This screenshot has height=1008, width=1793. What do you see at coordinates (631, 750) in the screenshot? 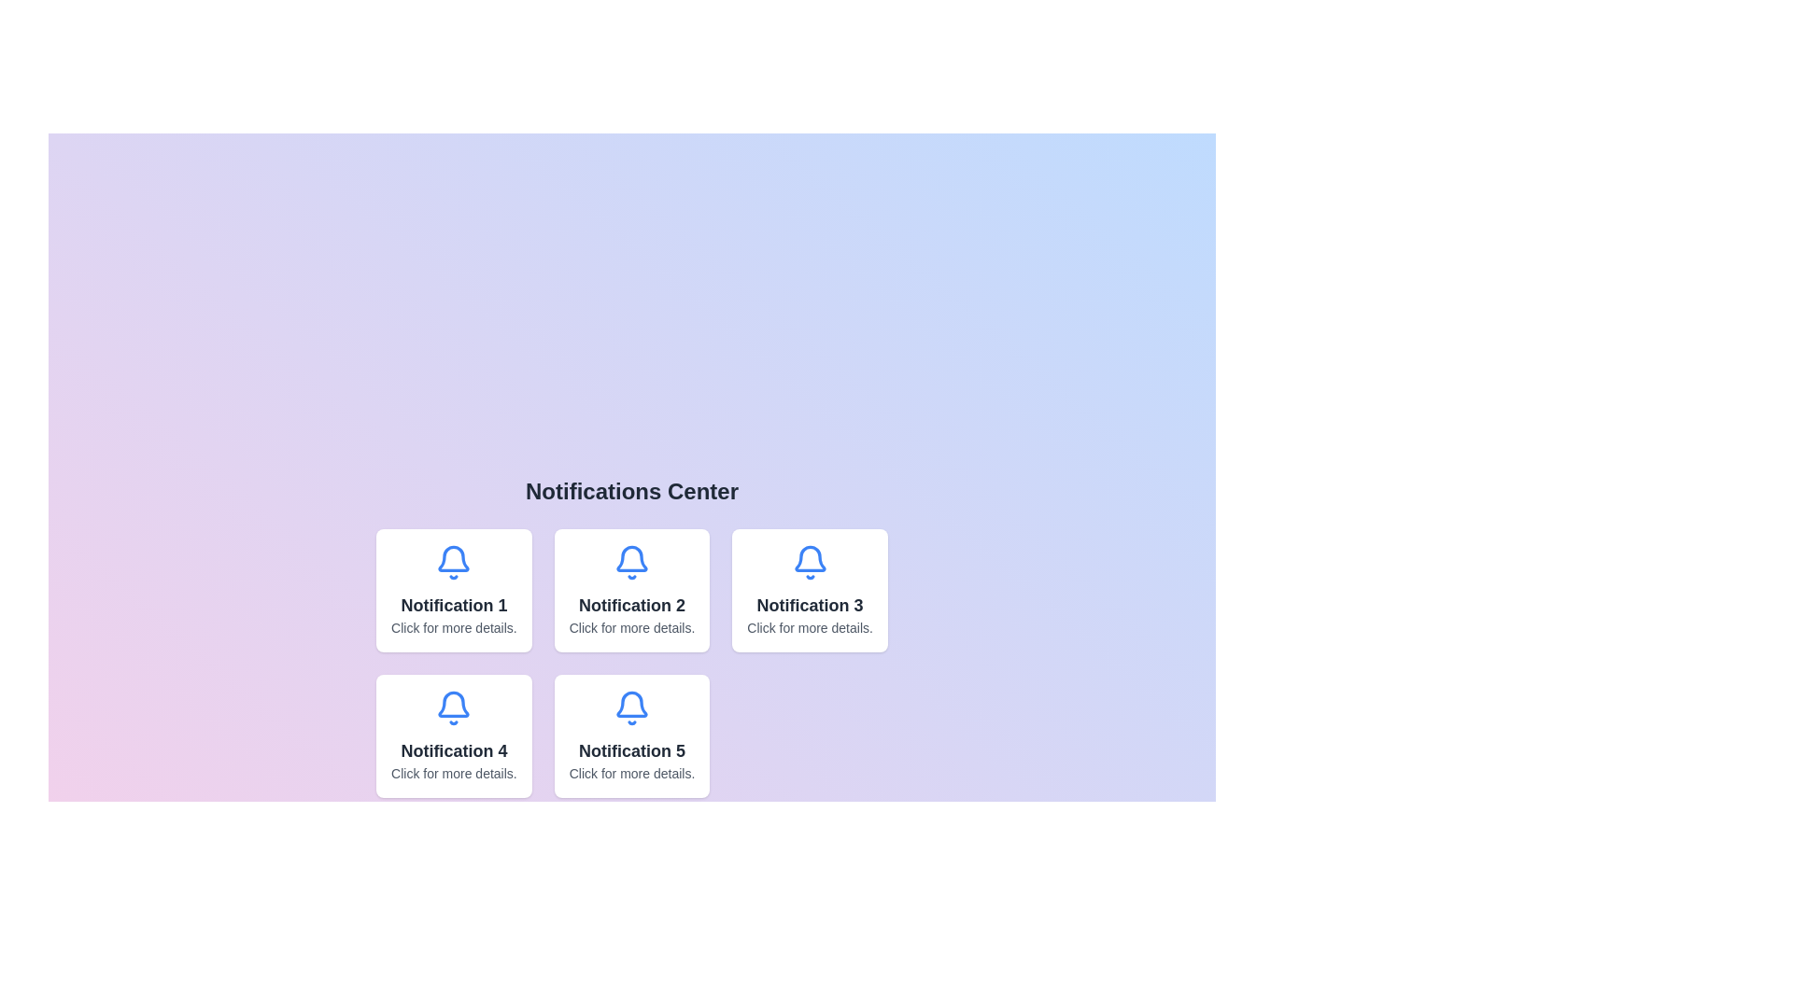
I see `the text label displaying 'Notification 5', which is styled in bold and located at the bottom-right corner of the notification card` at bounding box center [631, 750].